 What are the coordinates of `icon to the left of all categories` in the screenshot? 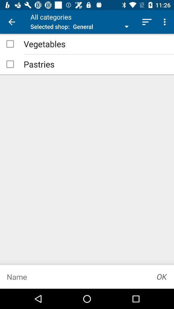 It's located at (12, 22).